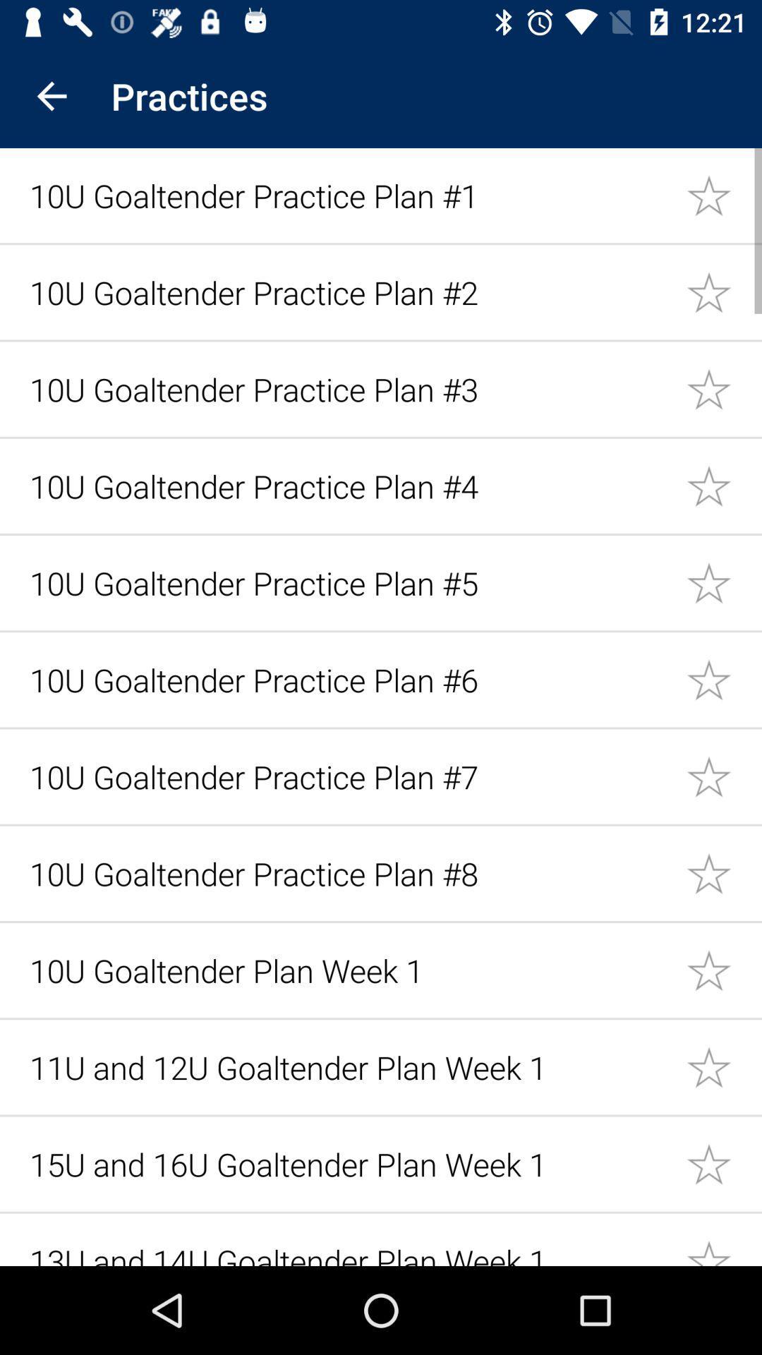 The image size is (762, 1355). Describe the element at coordinates (724, 389) in the screenshot. I see `link star option` at that location.